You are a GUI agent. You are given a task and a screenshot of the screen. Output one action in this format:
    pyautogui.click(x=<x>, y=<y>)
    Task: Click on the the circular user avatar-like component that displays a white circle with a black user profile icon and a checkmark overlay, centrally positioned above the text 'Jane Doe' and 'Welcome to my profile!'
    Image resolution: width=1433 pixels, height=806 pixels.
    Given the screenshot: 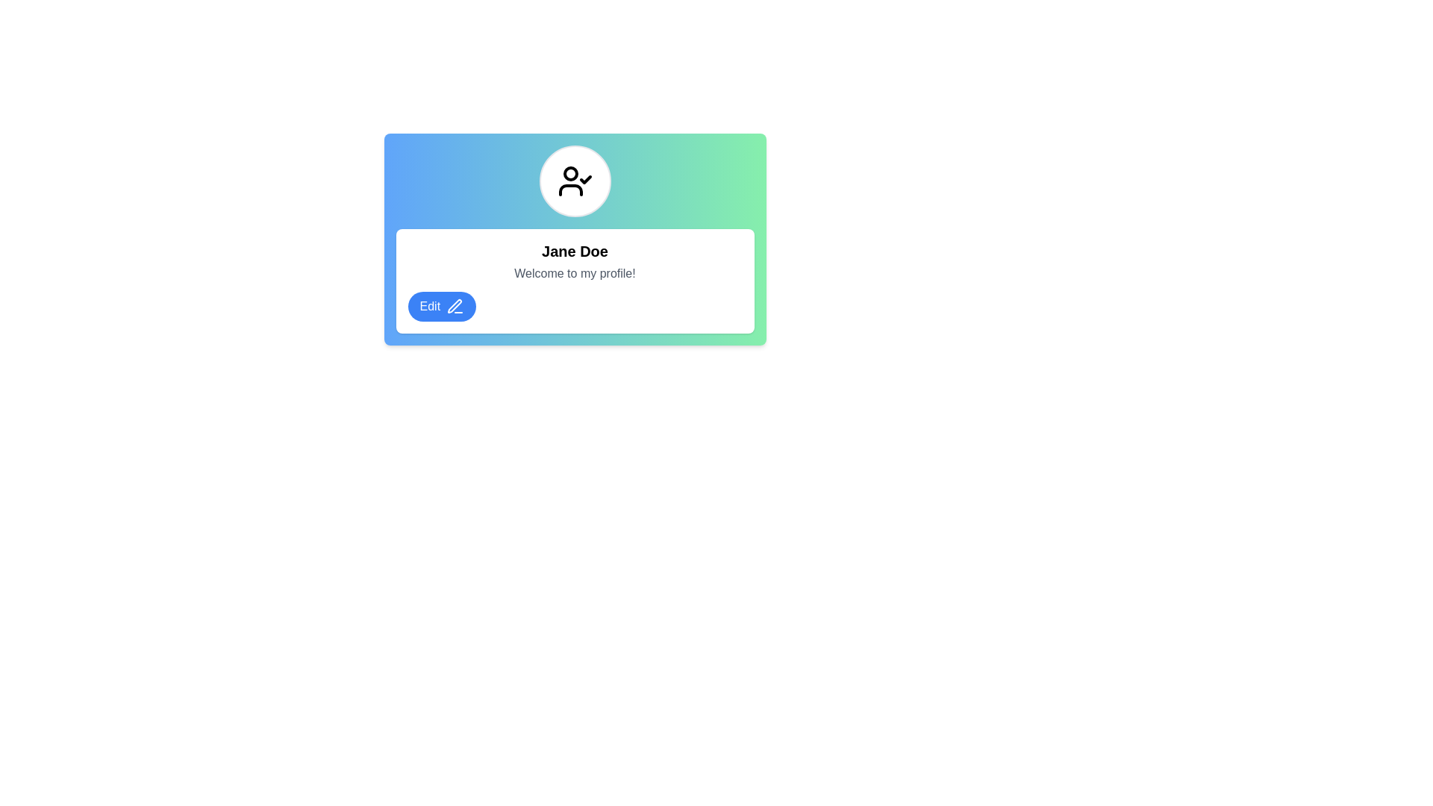 What is the action you would take?
    pyautogui.click(x=574, y=181)
    